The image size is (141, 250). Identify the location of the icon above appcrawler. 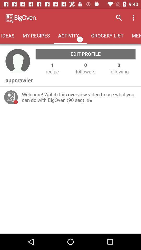
(17, 61).